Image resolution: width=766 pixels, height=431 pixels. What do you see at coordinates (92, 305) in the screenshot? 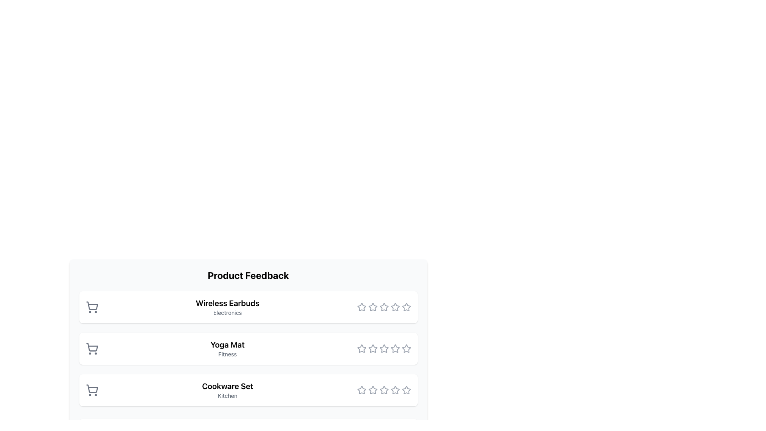
I see `the cart icon representing a shopping cart, which is outlined and gray in color, located to the left of the text 'Wireless Earbuds' in the first item of a vertical list` at bounding box center [92, 305].